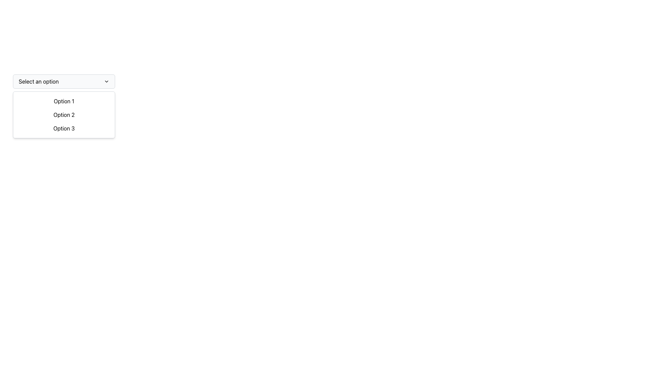 The image size is (654, 367). What do you see at coordinates (64, 115) in the screenshot?
I see `to select 'Option 2' from the dropdown list positioned below the 'Select an option' button` at bounding box center [64, 115].